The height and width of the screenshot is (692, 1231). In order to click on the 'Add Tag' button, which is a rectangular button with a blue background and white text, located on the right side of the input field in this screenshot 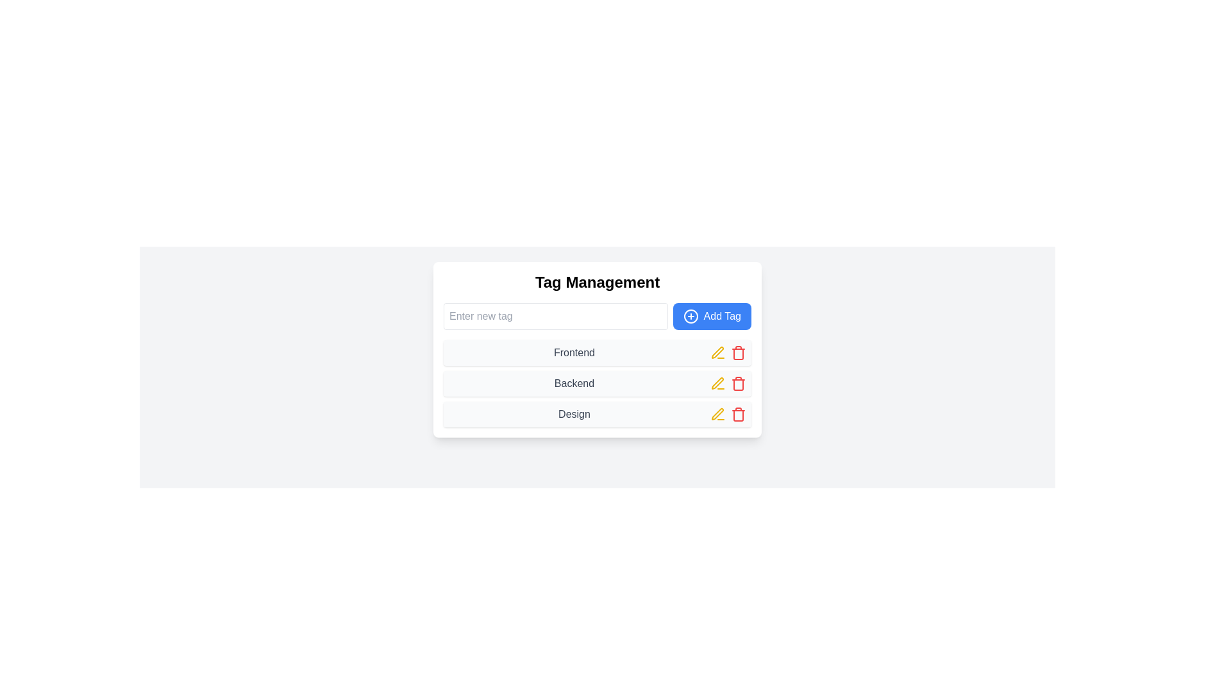, I will do `click(711, 316)`.